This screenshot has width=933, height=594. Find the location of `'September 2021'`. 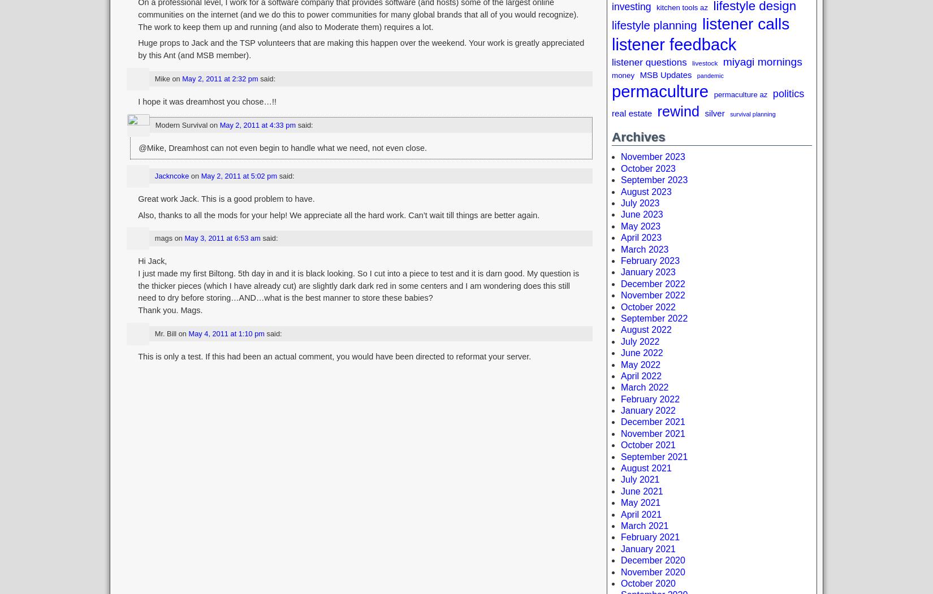

'September 2021' is located at coordinates (654, 456).